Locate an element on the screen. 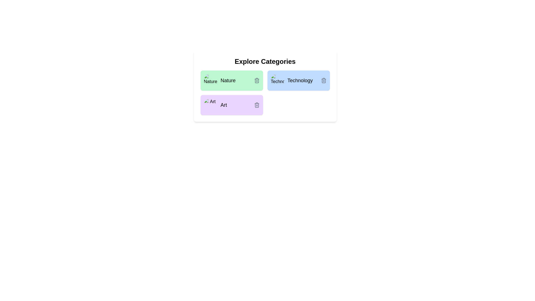 The width and height of the screenshot is (535, 301). the delete button of the chip labeled Art is located at coordinates (256, 105).